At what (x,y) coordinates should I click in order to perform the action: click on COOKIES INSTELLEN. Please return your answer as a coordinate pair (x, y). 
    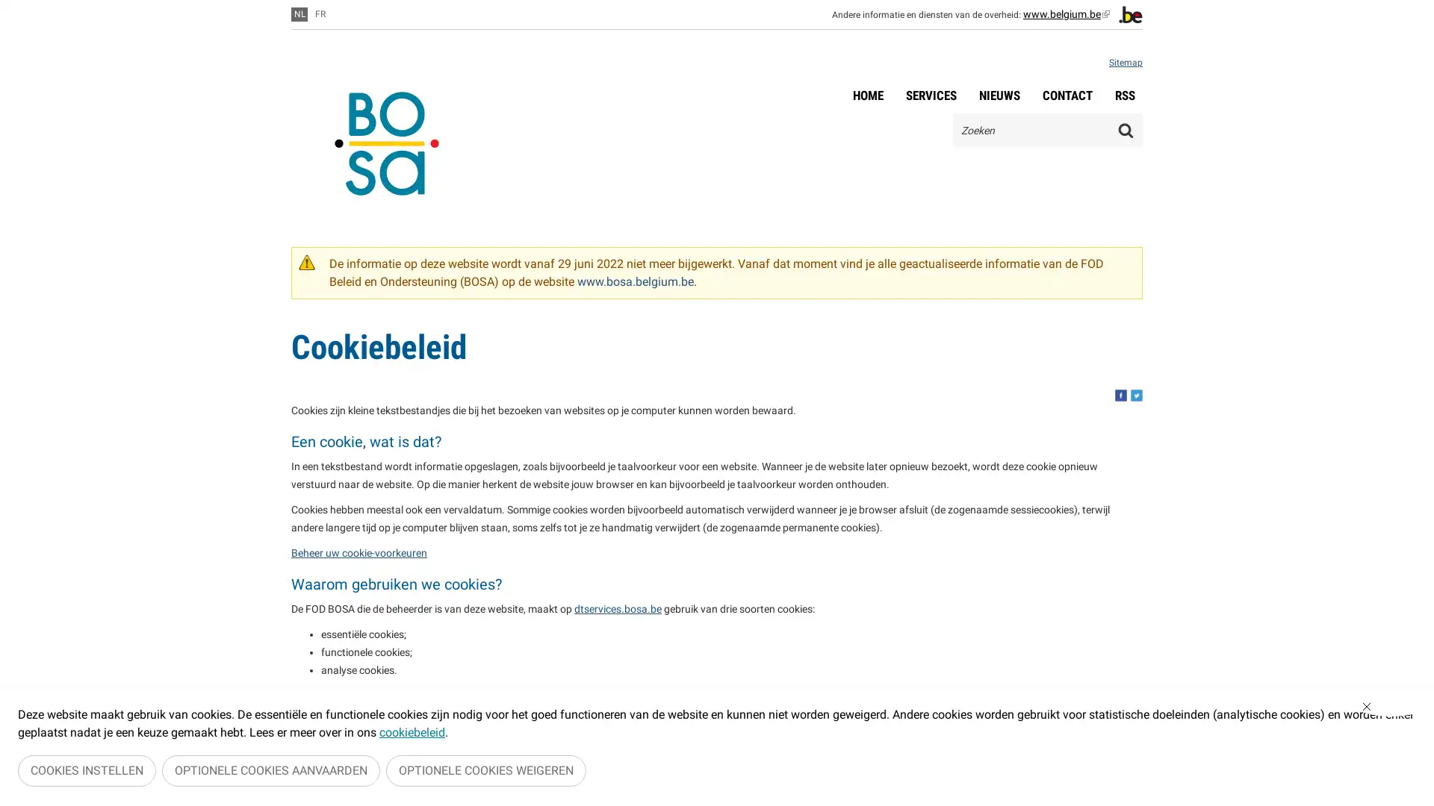
    Looking at the image, I should click on (86, 772).